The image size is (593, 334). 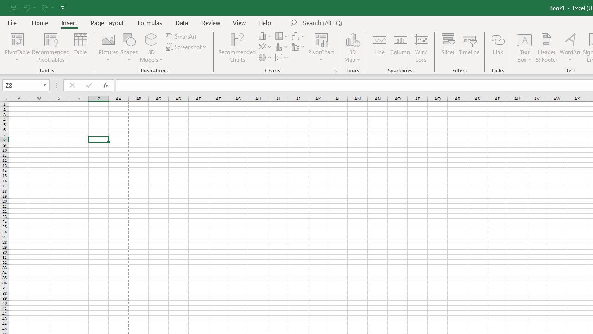 What do you see at coordinates (81, 48) in the screenshot?
I see `'Table'` at bounding box center [81, 48].